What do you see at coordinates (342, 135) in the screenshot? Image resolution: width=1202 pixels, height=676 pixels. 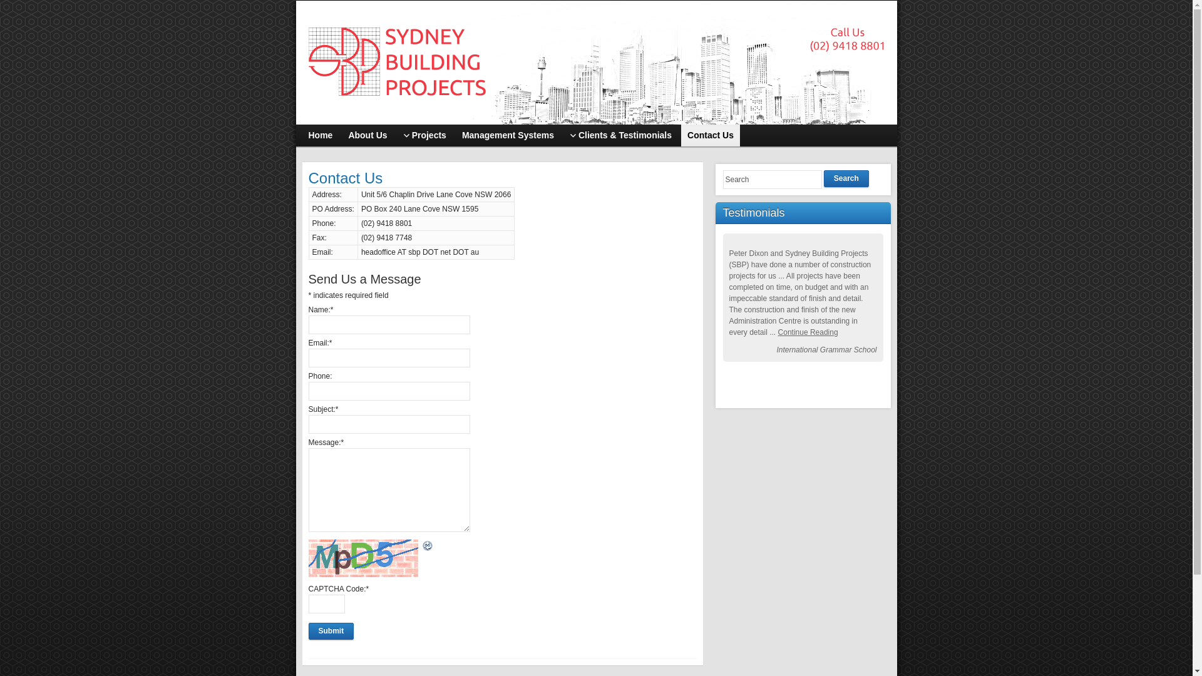 I see `'About Us'` at bounding box center [342, 135].